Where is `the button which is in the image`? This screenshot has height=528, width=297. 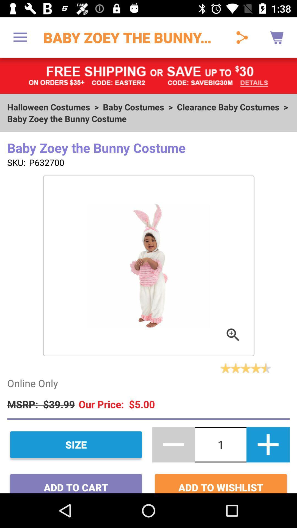 the button which is in the image is located at coordinates (233, 335).